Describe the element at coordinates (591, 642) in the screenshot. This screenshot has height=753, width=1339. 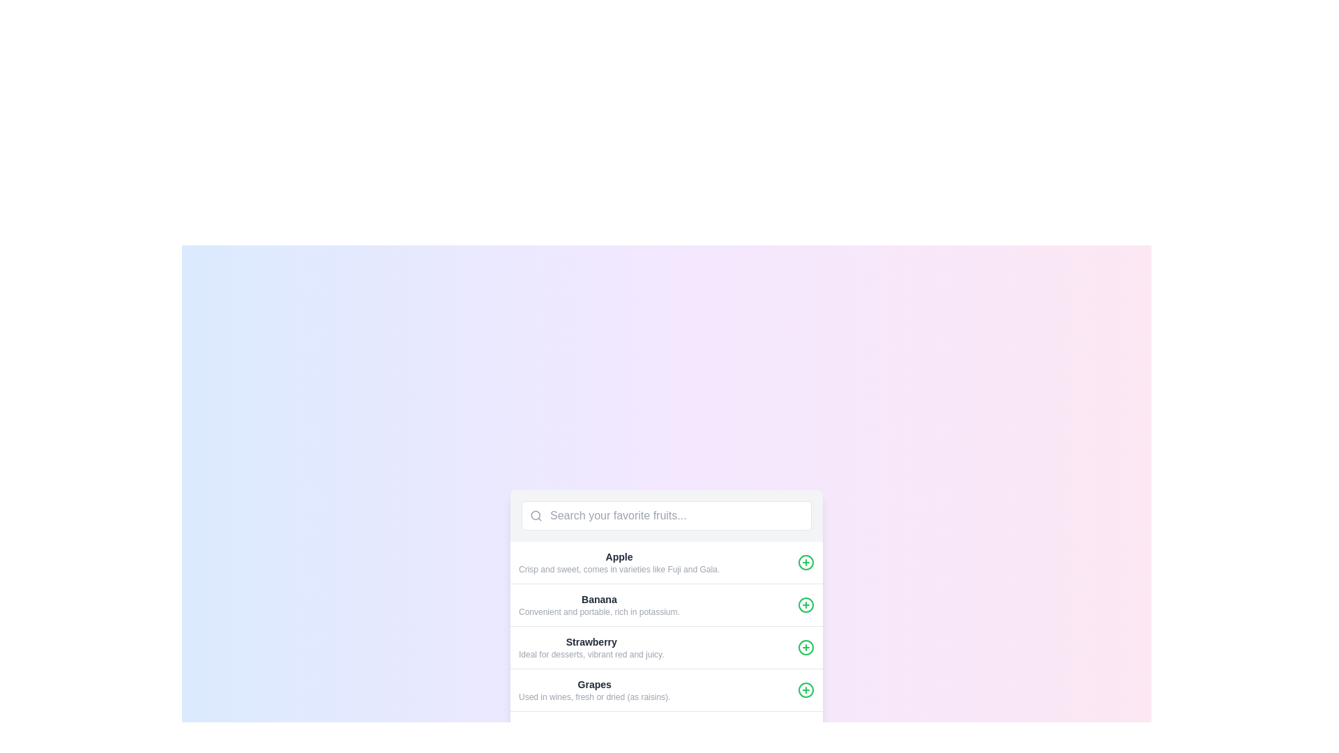
I see `the text element displaying 'Strawberry', which is styled in bold and text-gray-800, located above a descriptive text in a scrollable list interface` at that location.